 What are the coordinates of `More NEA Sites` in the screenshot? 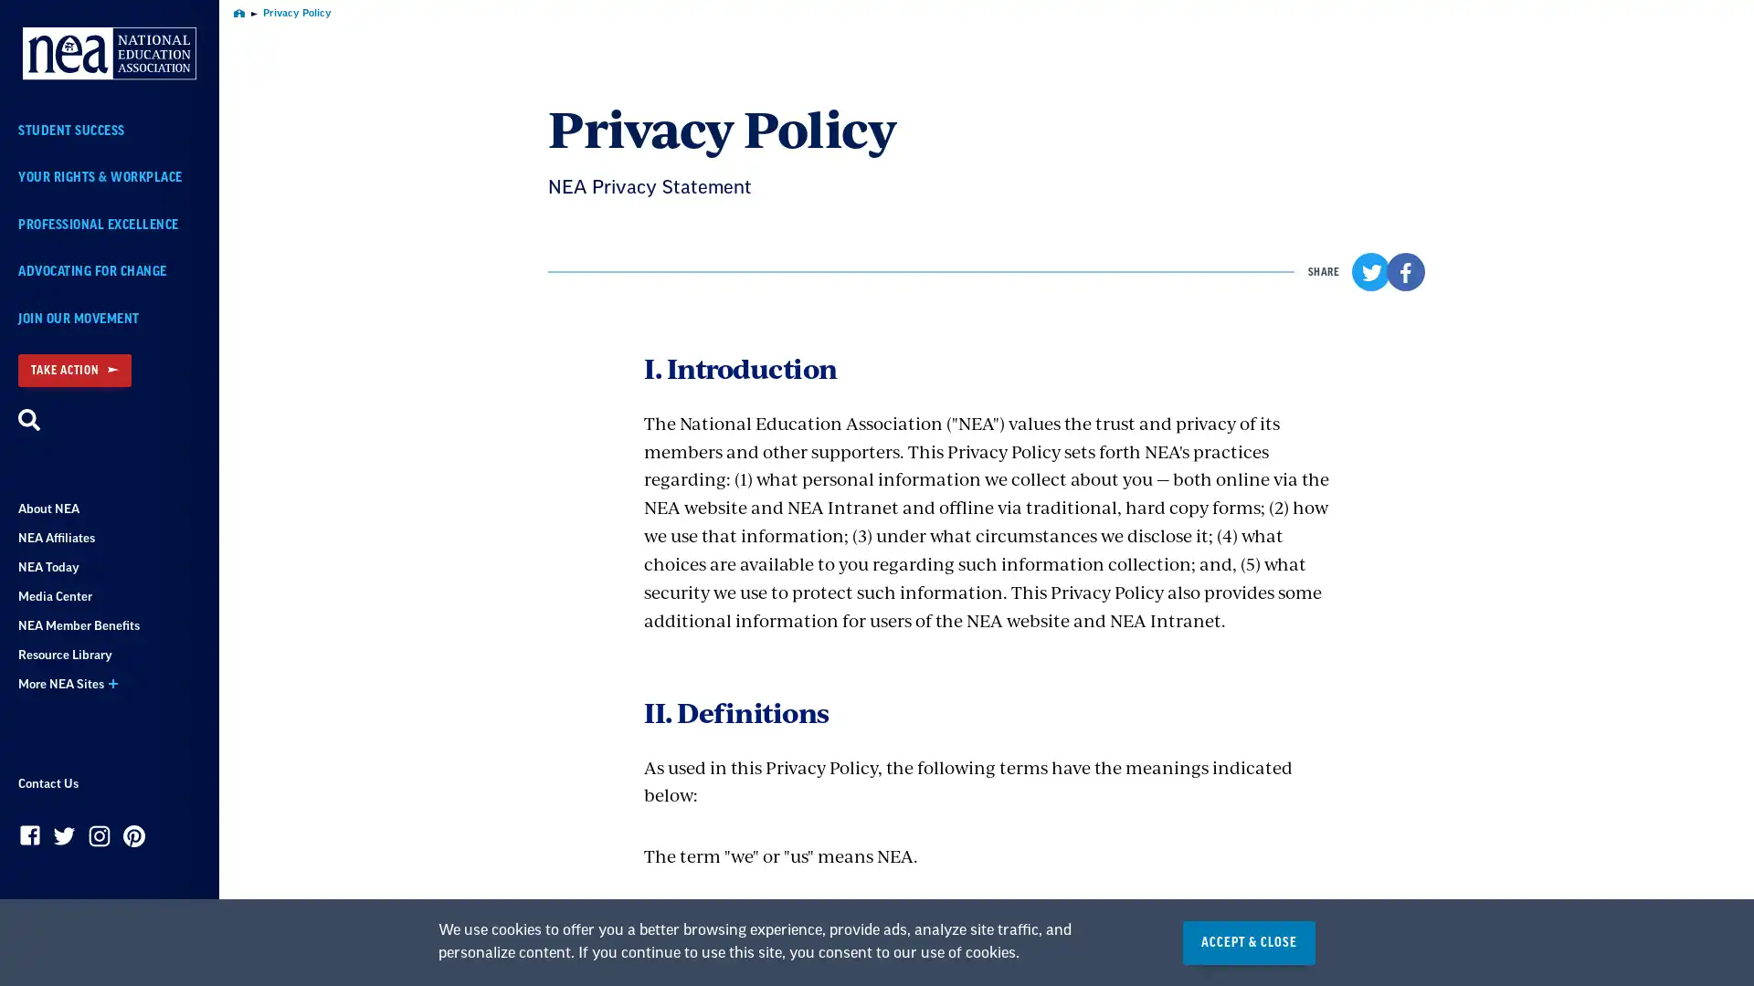 It's located at (109, 684).